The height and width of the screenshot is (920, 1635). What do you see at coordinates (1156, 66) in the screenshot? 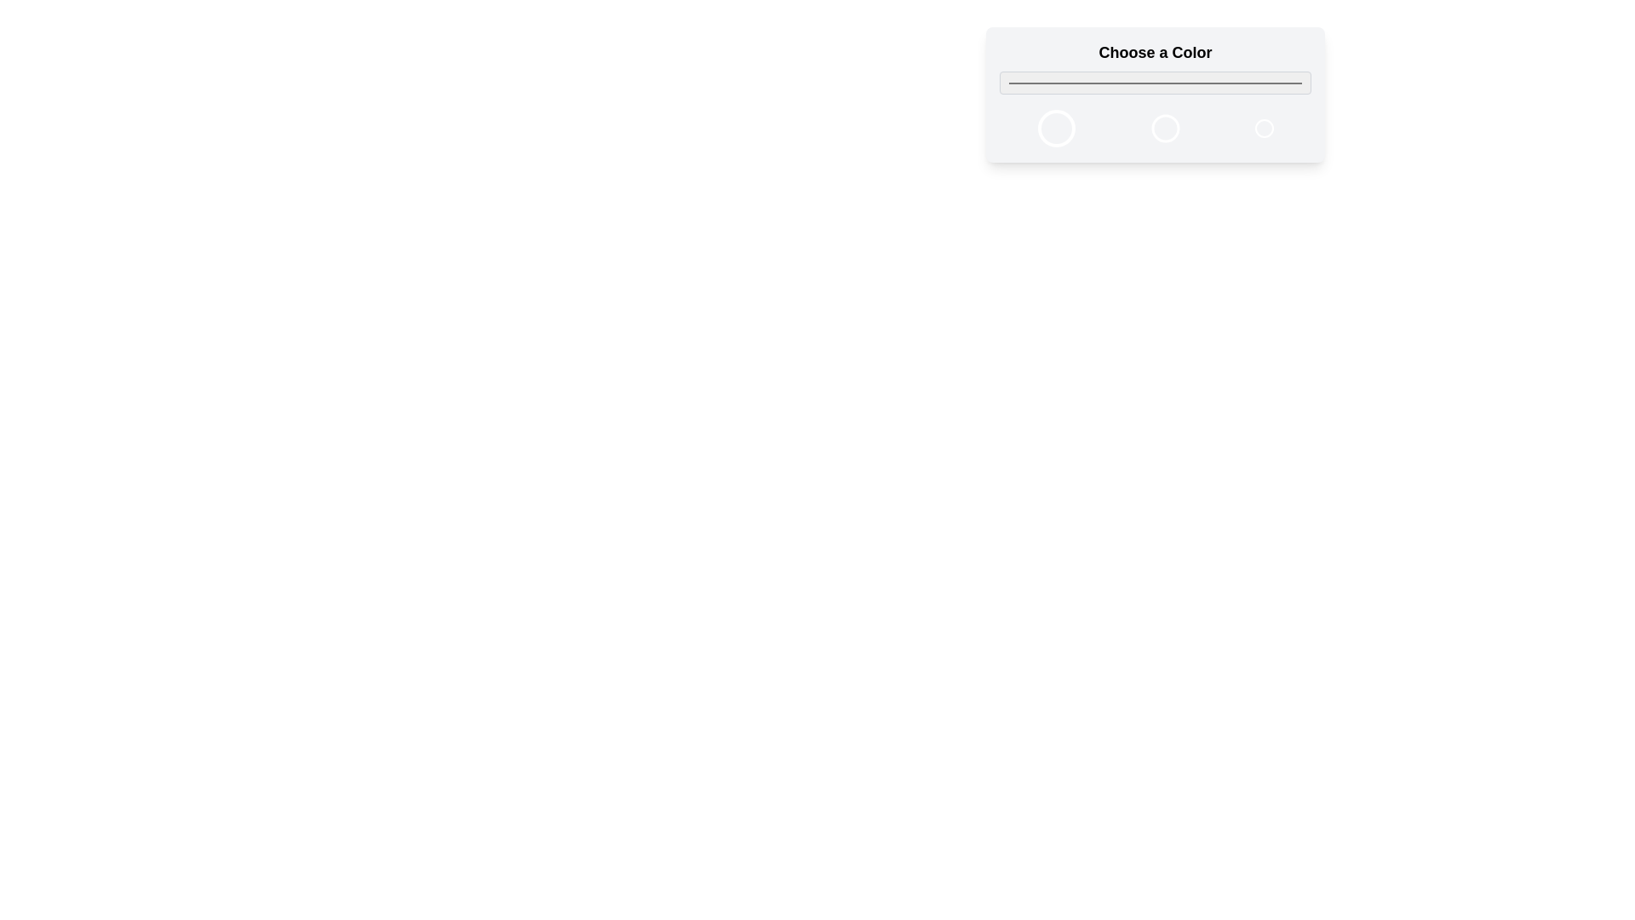
I see `the static text label that reads 'Choose a Color', which is prominently styled in bold and centered above the input box` at bounding box center [1156, 66].